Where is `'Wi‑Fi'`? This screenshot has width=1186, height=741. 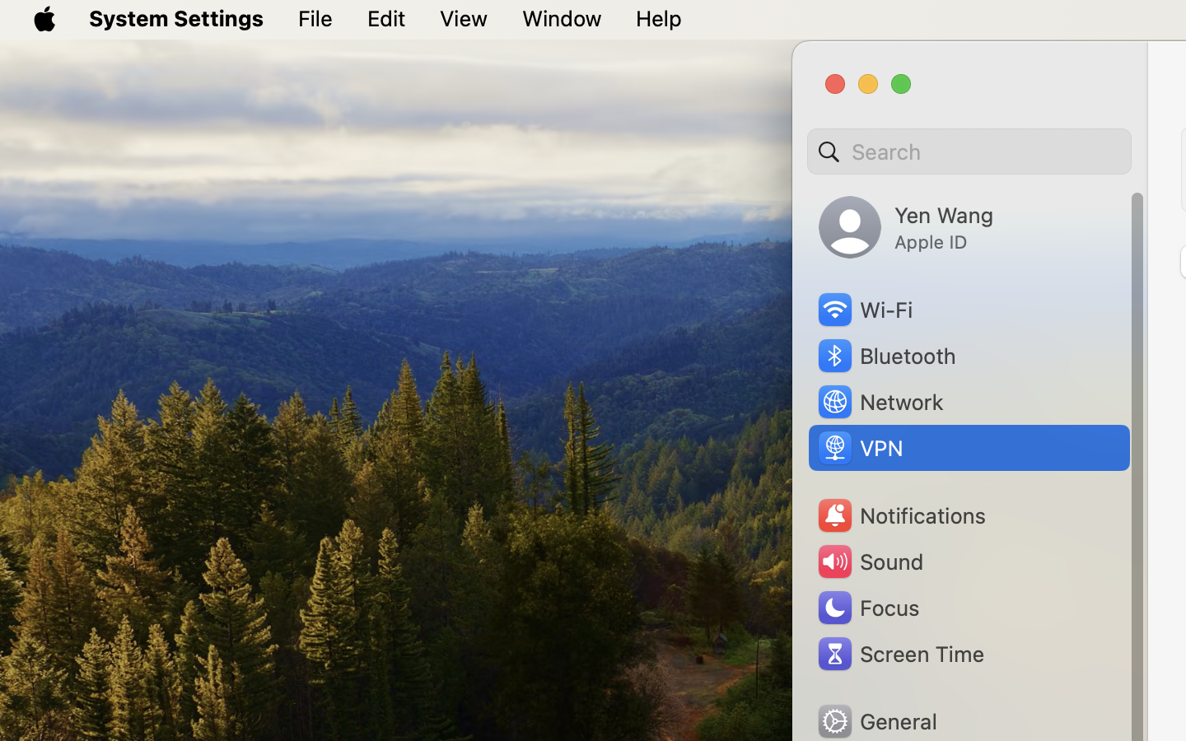 'Wi‑Fi' is located at coordinates (864, 310).